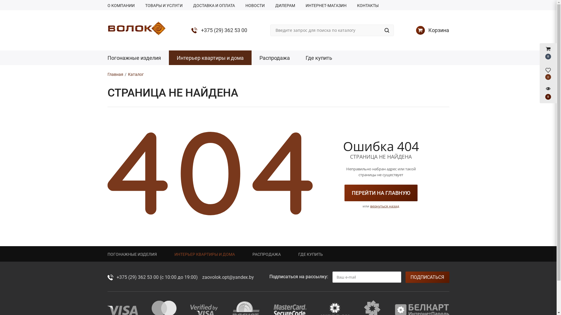 The image size is (561, 315). I want to click on 'volokwood', so click(136, 28).